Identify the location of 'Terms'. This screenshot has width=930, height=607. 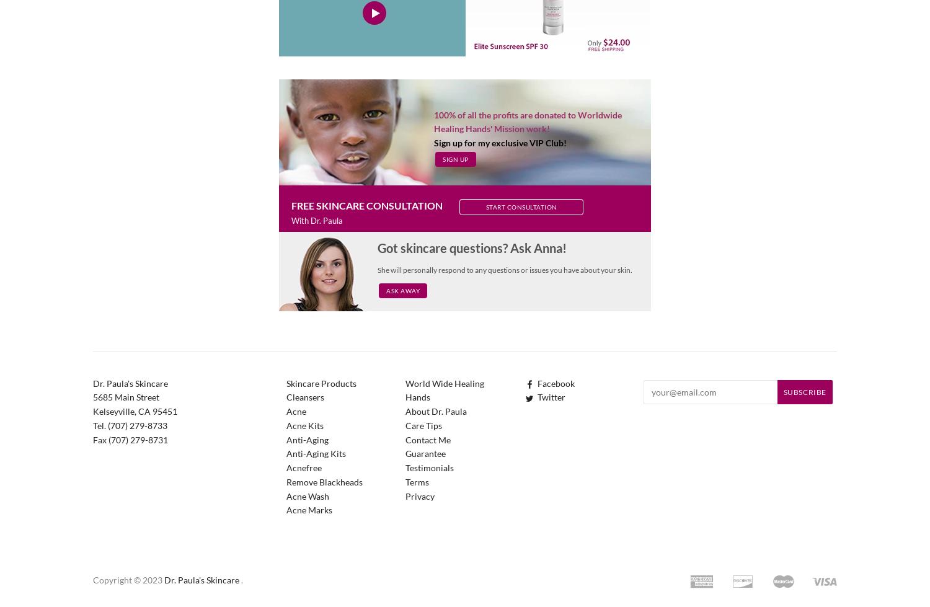
(417, 481).